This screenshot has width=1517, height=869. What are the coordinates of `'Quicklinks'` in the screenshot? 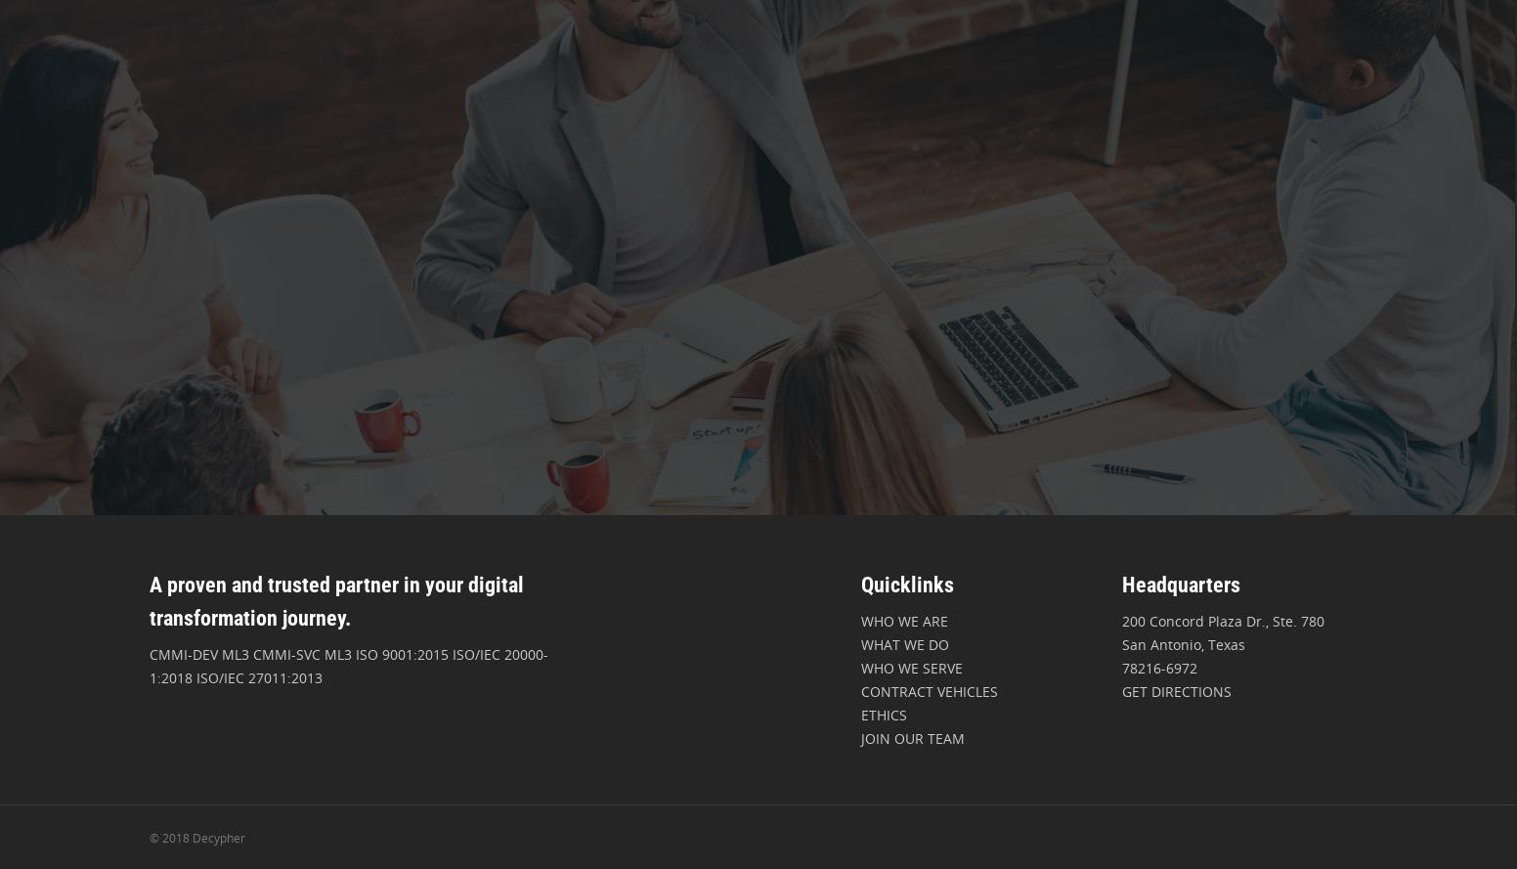 It's located at (859, 584).